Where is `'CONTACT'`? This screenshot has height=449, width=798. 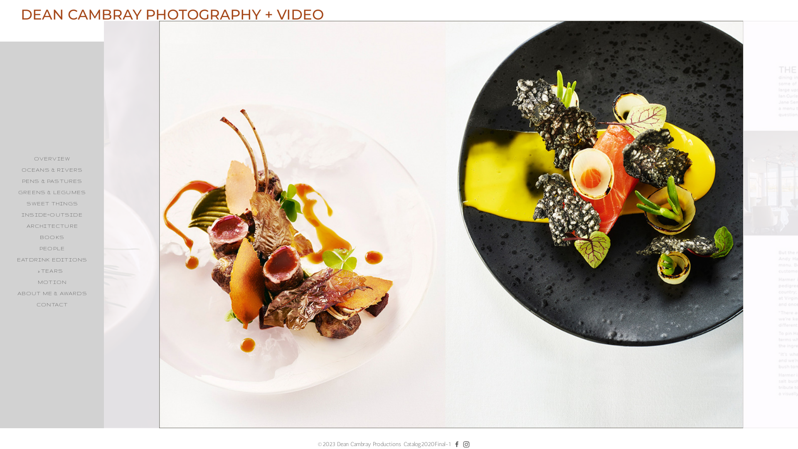 'CONTACT' is located at coordinates (52, 304).